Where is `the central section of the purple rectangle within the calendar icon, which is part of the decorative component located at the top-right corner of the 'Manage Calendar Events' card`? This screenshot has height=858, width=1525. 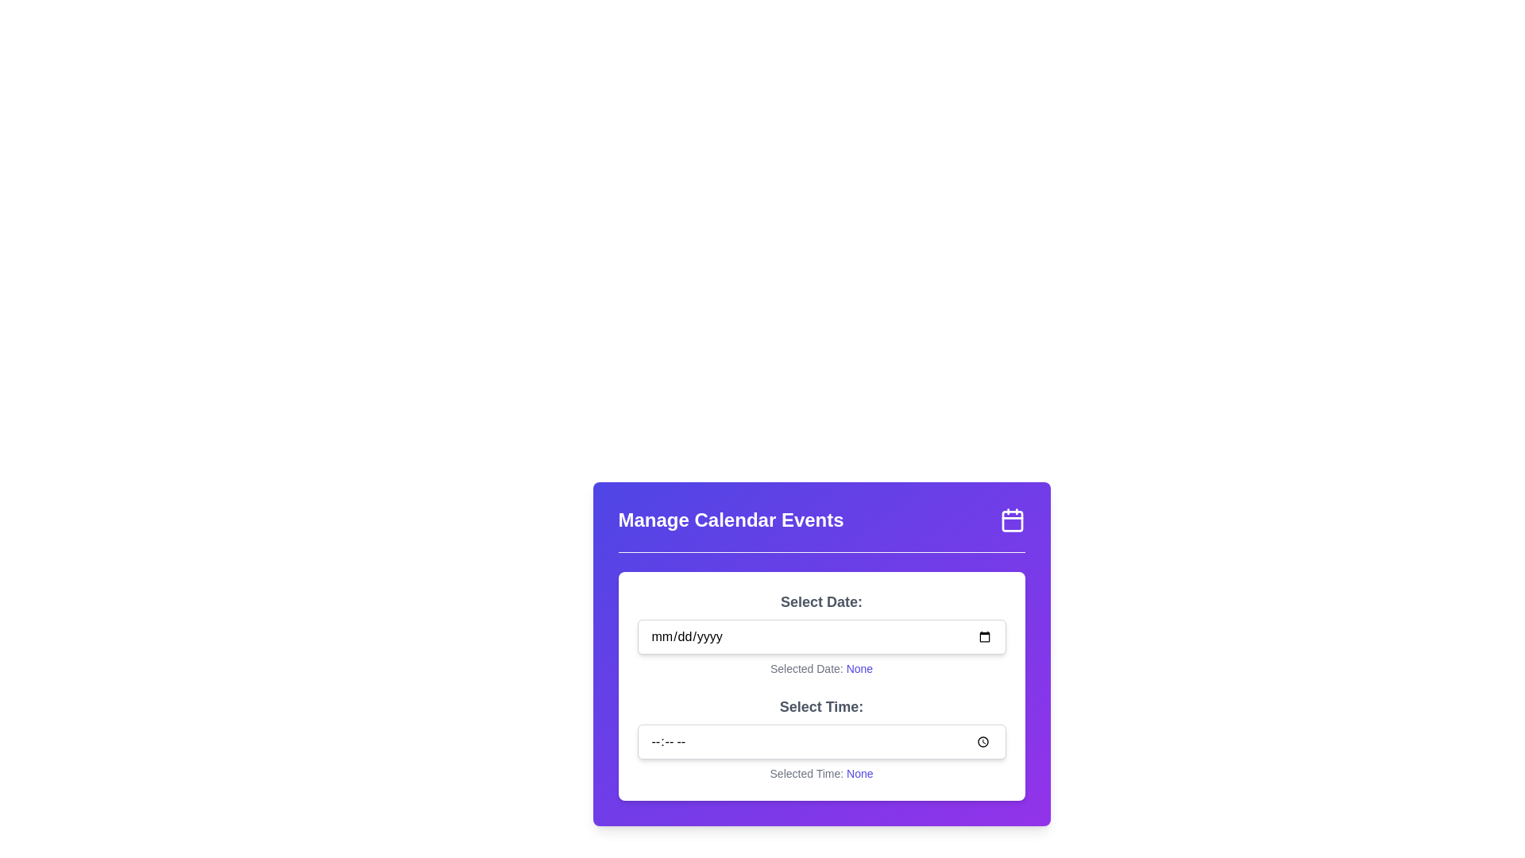 the central section of the purple rectangle within the calendar icon, which is part of the decorative component located at the top-right corner of the 'Manage Calendar Events' card is located at coordinates (1011, 521).